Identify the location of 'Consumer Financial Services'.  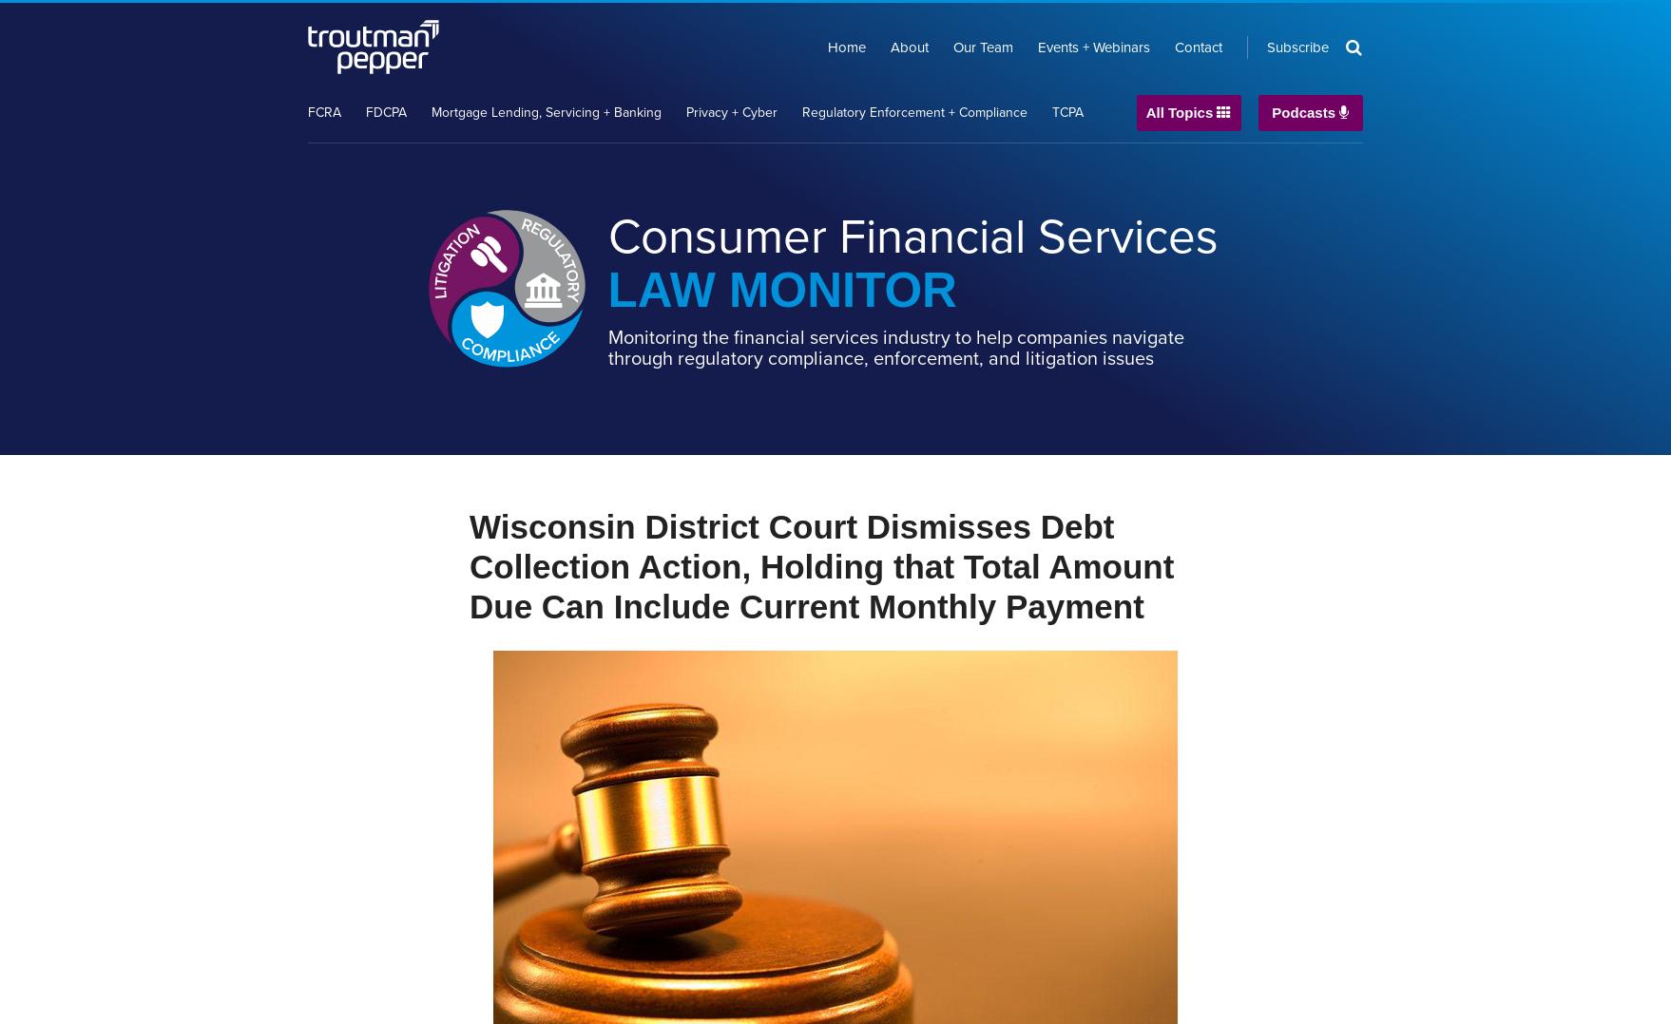
(912, 236).